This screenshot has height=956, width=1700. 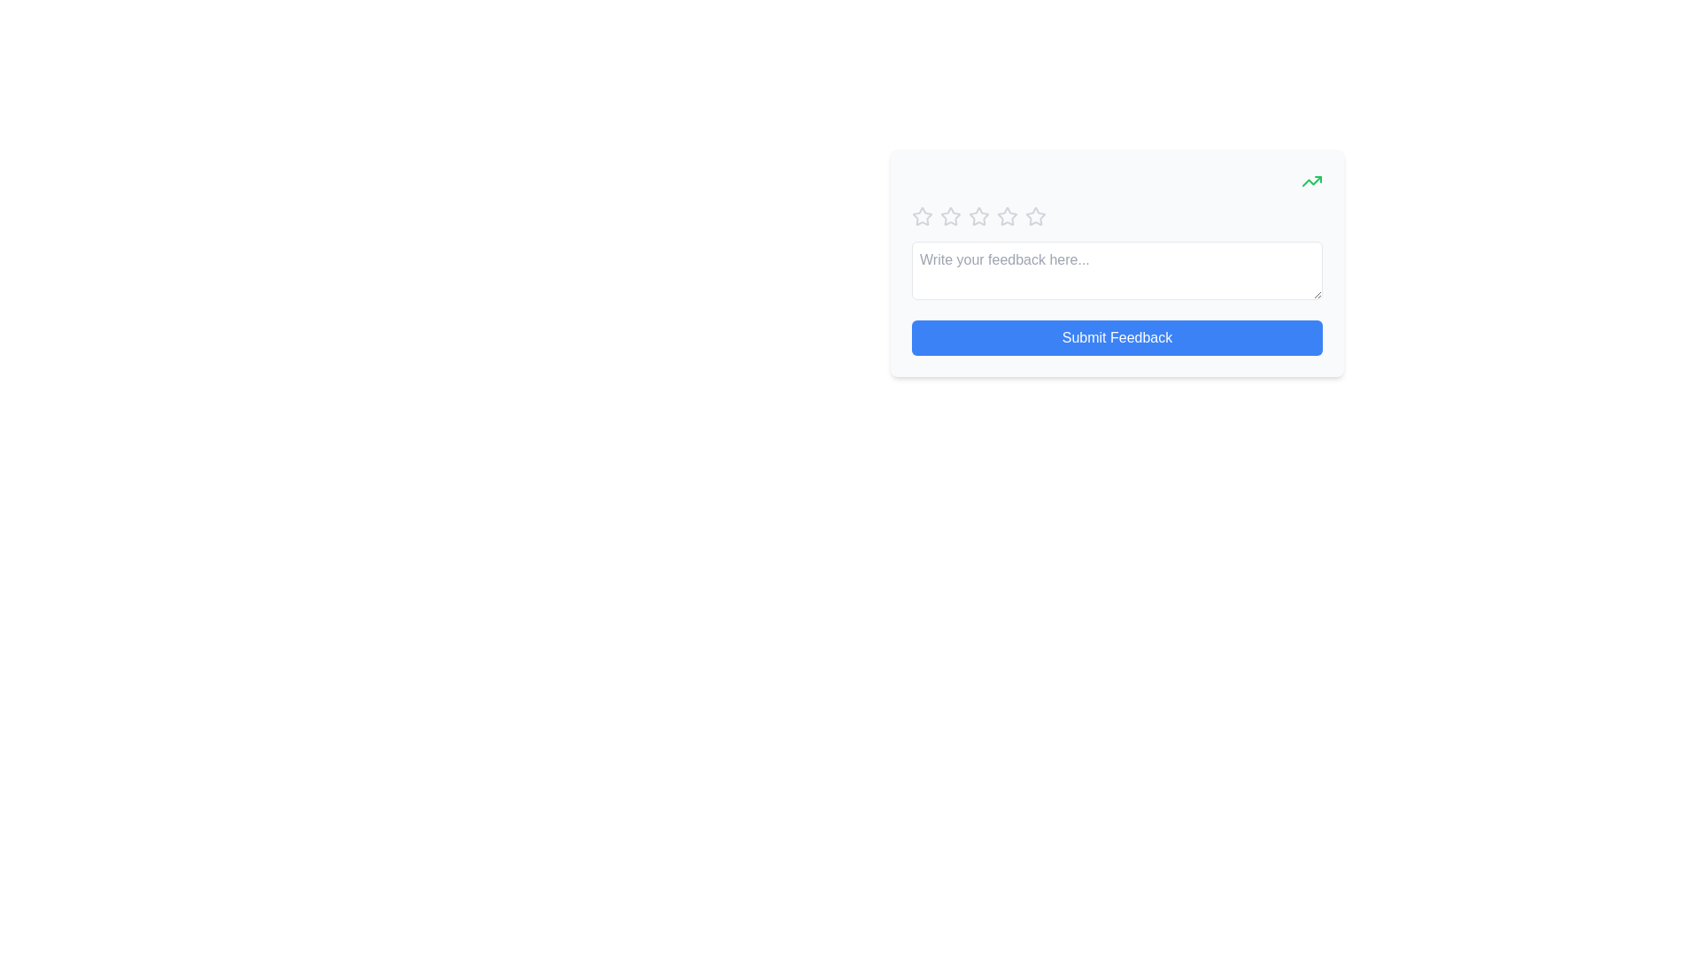 What do you see at coordinates (950, 216) in the screenshot?
I see `the second star` at bounding box center [950, 216].